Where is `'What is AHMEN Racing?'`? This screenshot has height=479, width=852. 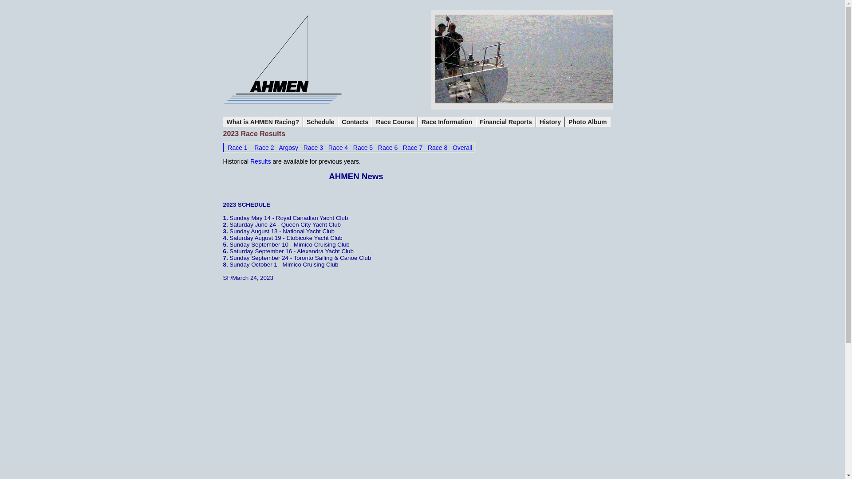
'What is AHMEN Racing?' is located at coordinates (262, 122).